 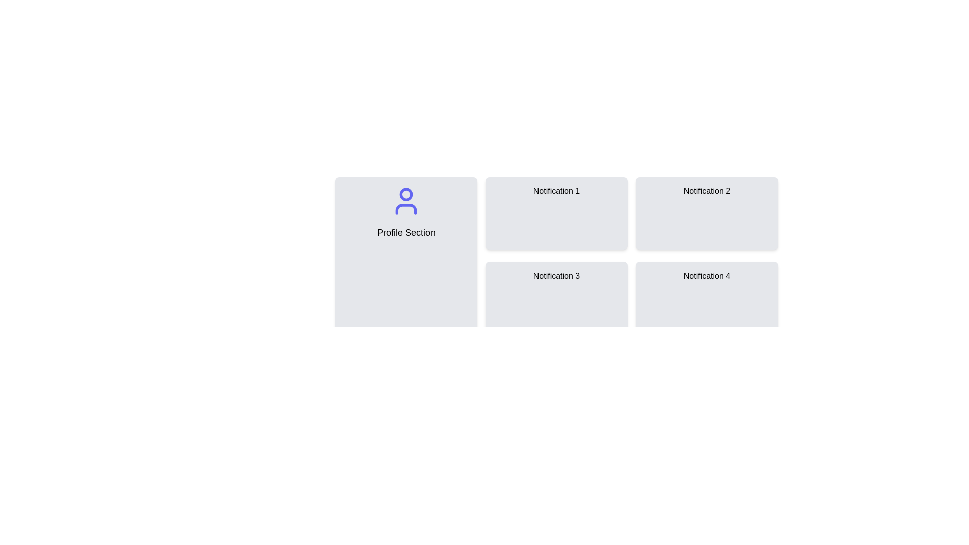 I want to click on the user profile card component located at the upper left corner of the two-column grid, so click(x=406, y=257).